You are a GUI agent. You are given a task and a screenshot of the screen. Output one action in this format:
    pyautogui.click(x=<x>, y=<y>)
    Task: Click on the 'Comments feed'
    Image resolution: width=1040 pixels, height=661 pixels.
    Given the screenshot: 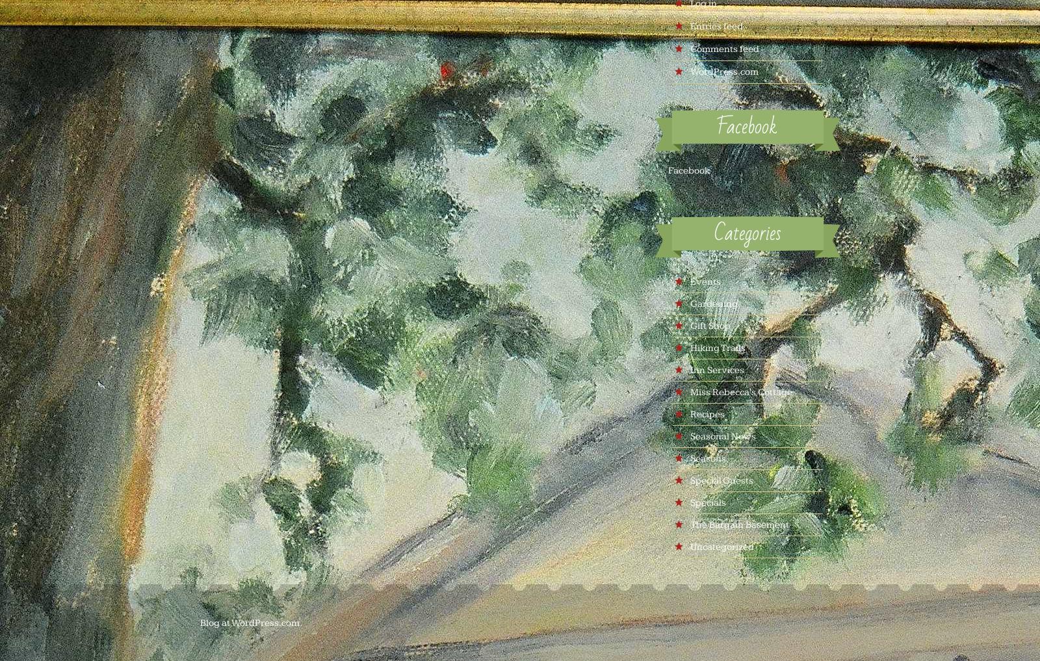 What is the action you would take?
    pyautogui.click(x=724, y=49)
    